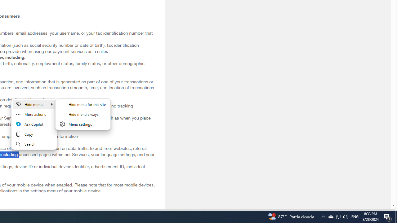  What do you see at coordinates (34, 134) in the screenshot?
I see `'Copy'` at bounding box center [34, 134].